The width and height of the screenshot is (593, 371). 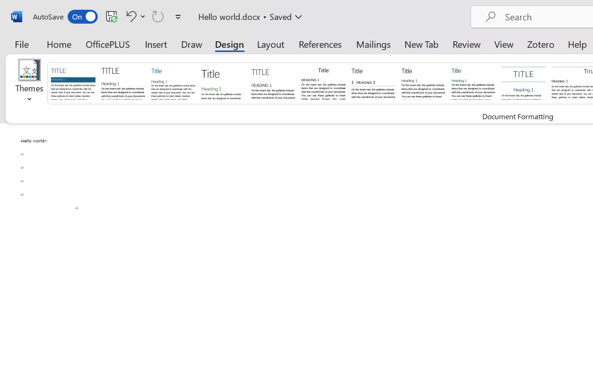 What do you see at coordinates (229, 44) in the screenshot?
I see `'Design'` at bounding box center [229, 44].